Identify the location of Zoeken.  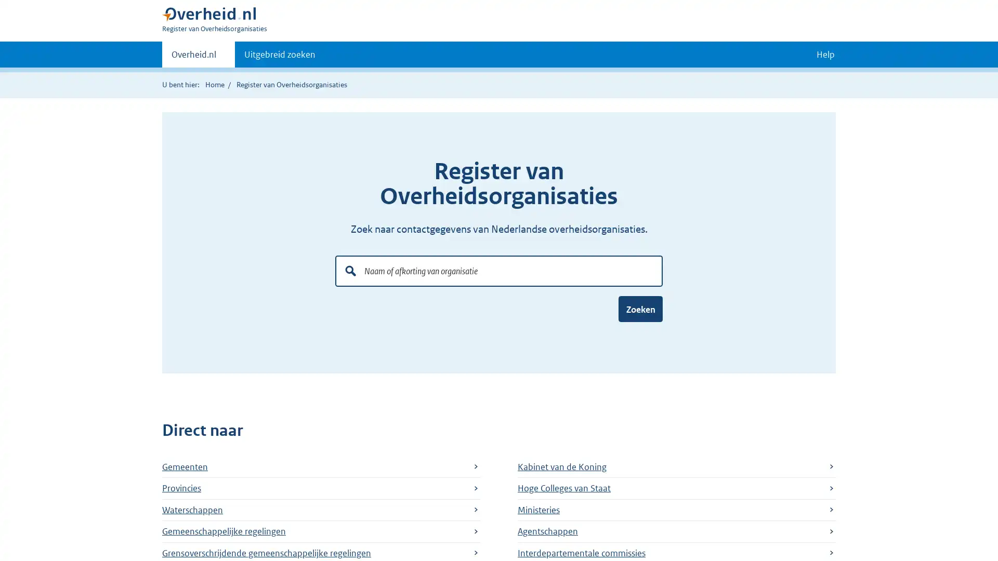
(640, 308).